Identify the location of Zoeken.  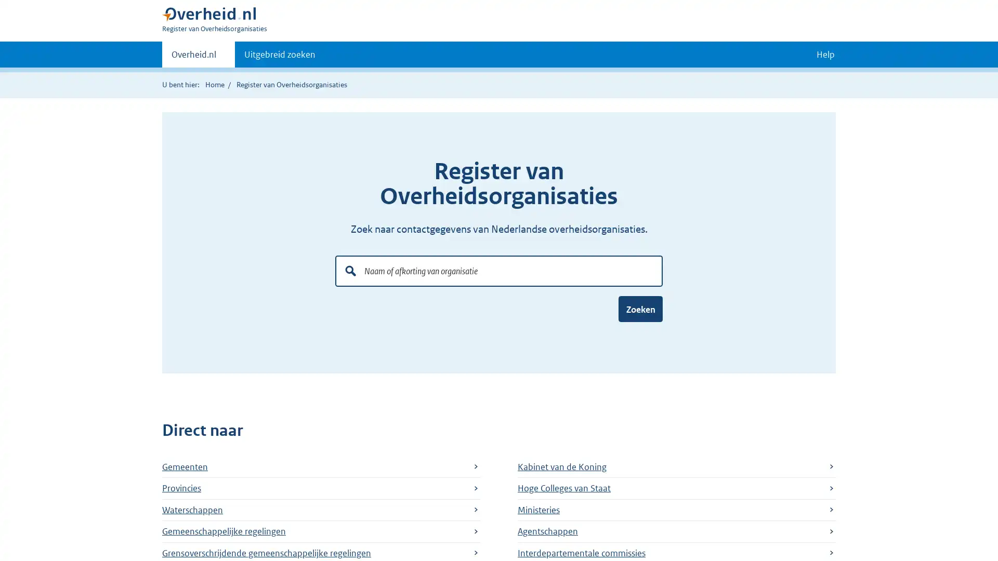
(640, 308).